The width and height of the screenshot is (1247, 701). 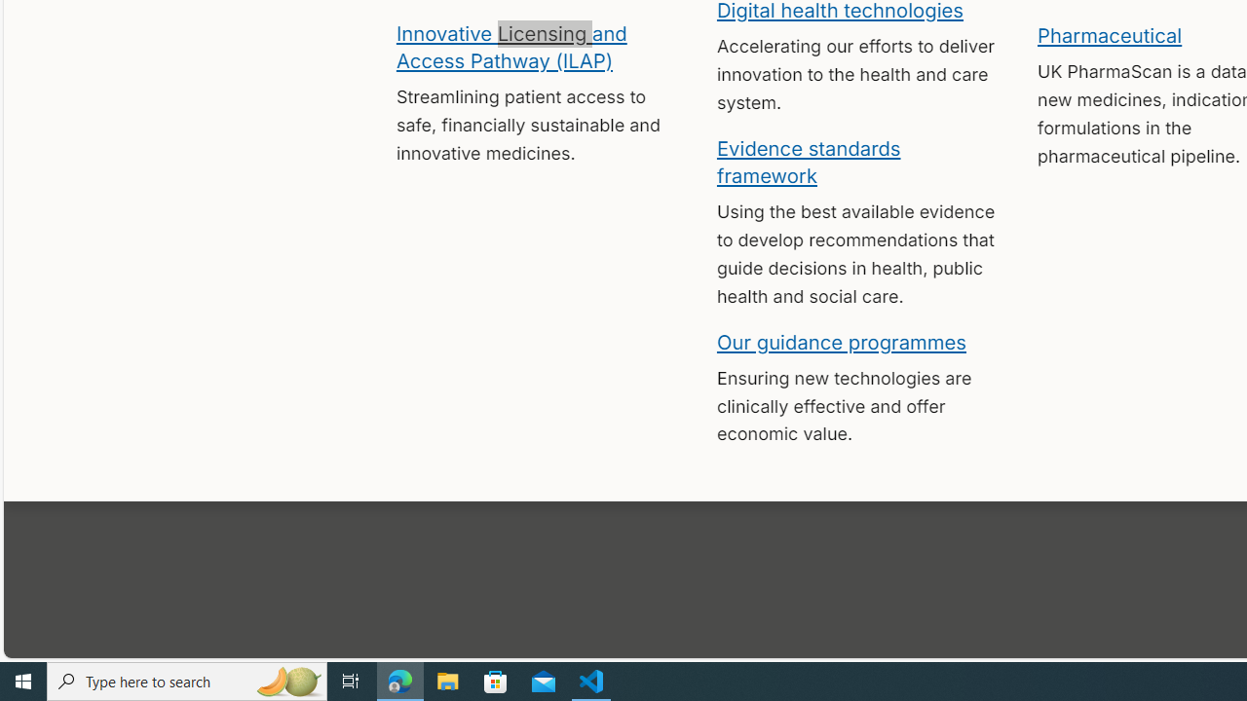 What do you see at coordinates (1110, 35) in the screenshot?
I see `'Pharmaceutical'` at bounding box center [1110, 35].